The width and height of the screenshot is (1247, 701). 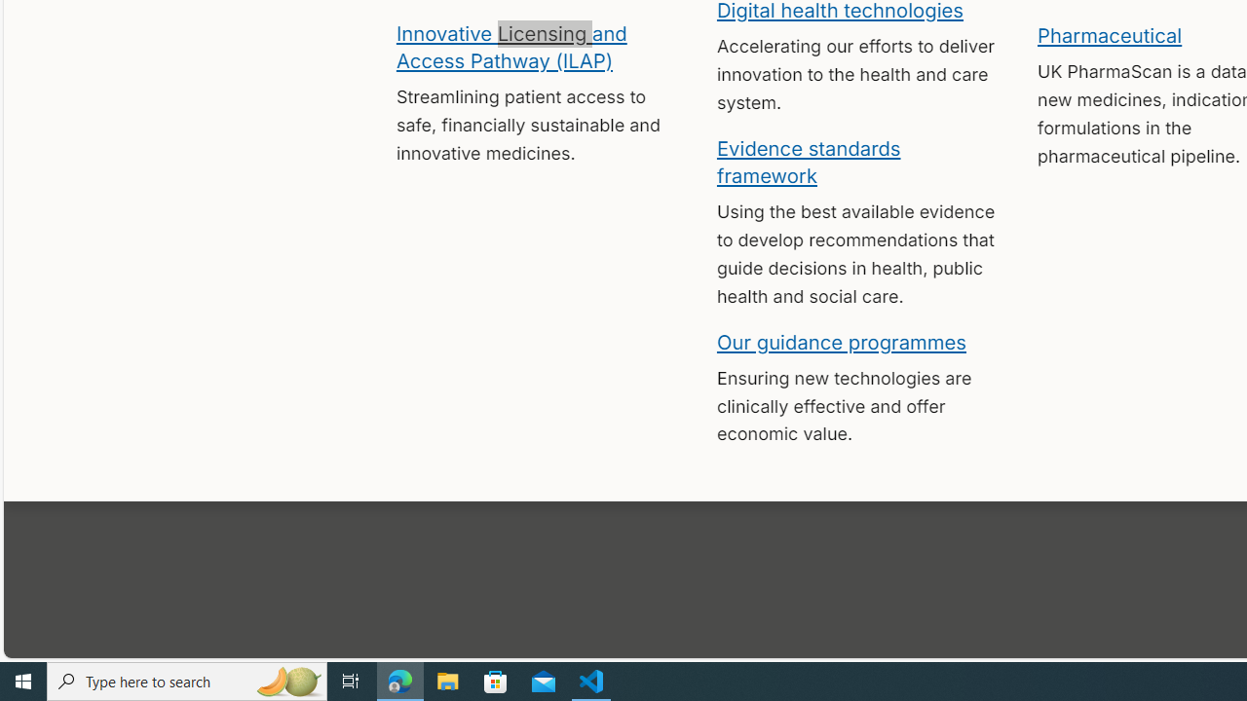 What do you see at coordinates (1110, 35) in the screenshot?
I see `'Pharmaceutical'` at bounding box center [1110, 35].